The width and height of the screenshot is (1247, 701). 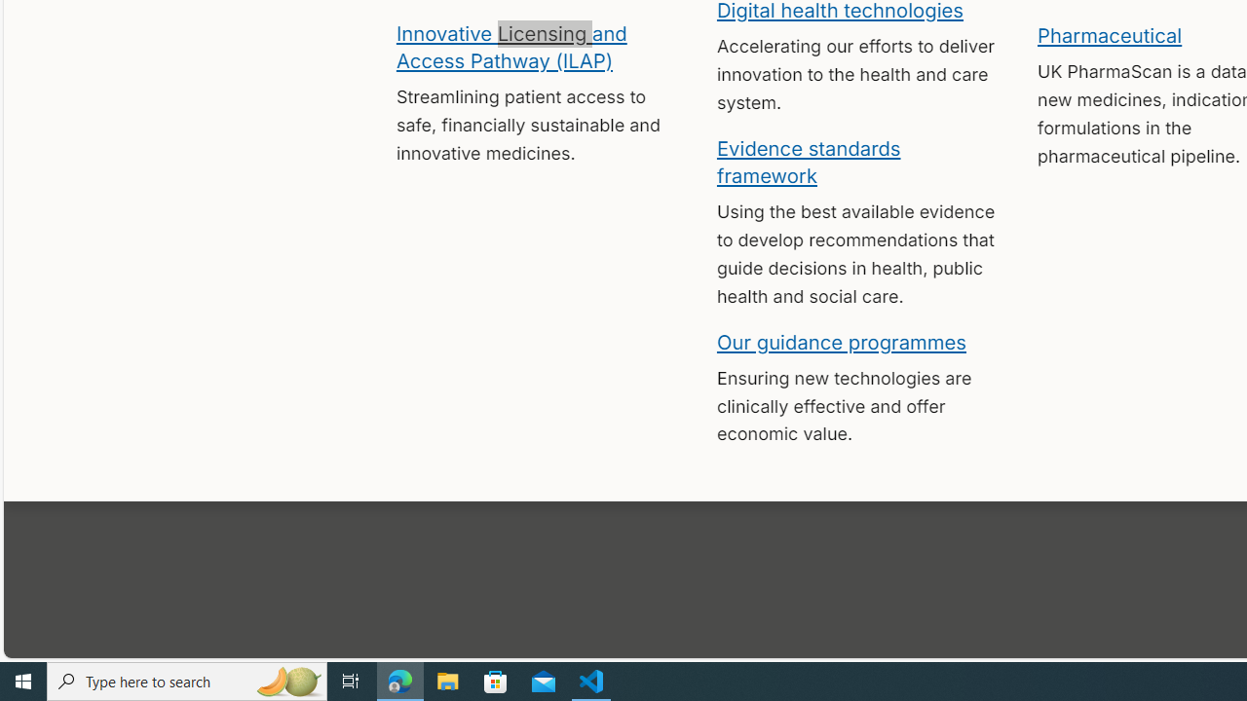 What do you see at coordinates (1110, 35) in the screenshot?
I see `'Pharmaceutical'` at bounding box center [1110, 35].